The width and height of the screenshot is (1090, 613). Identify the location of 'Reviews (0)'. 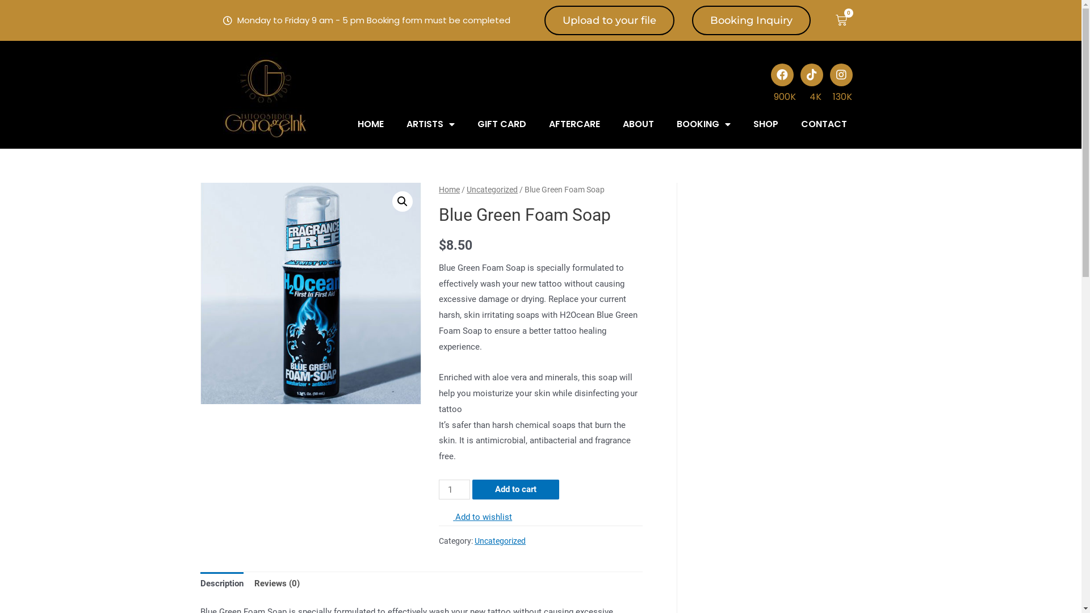
(277, 584).